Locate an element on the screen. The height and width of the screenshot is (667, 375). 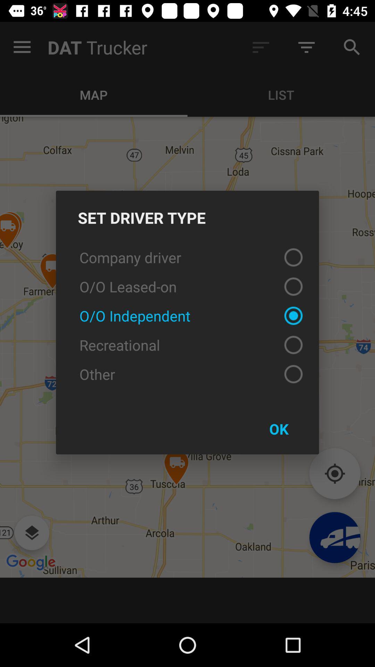
the item below the set driver type icon is located at coordinates (187, 257).